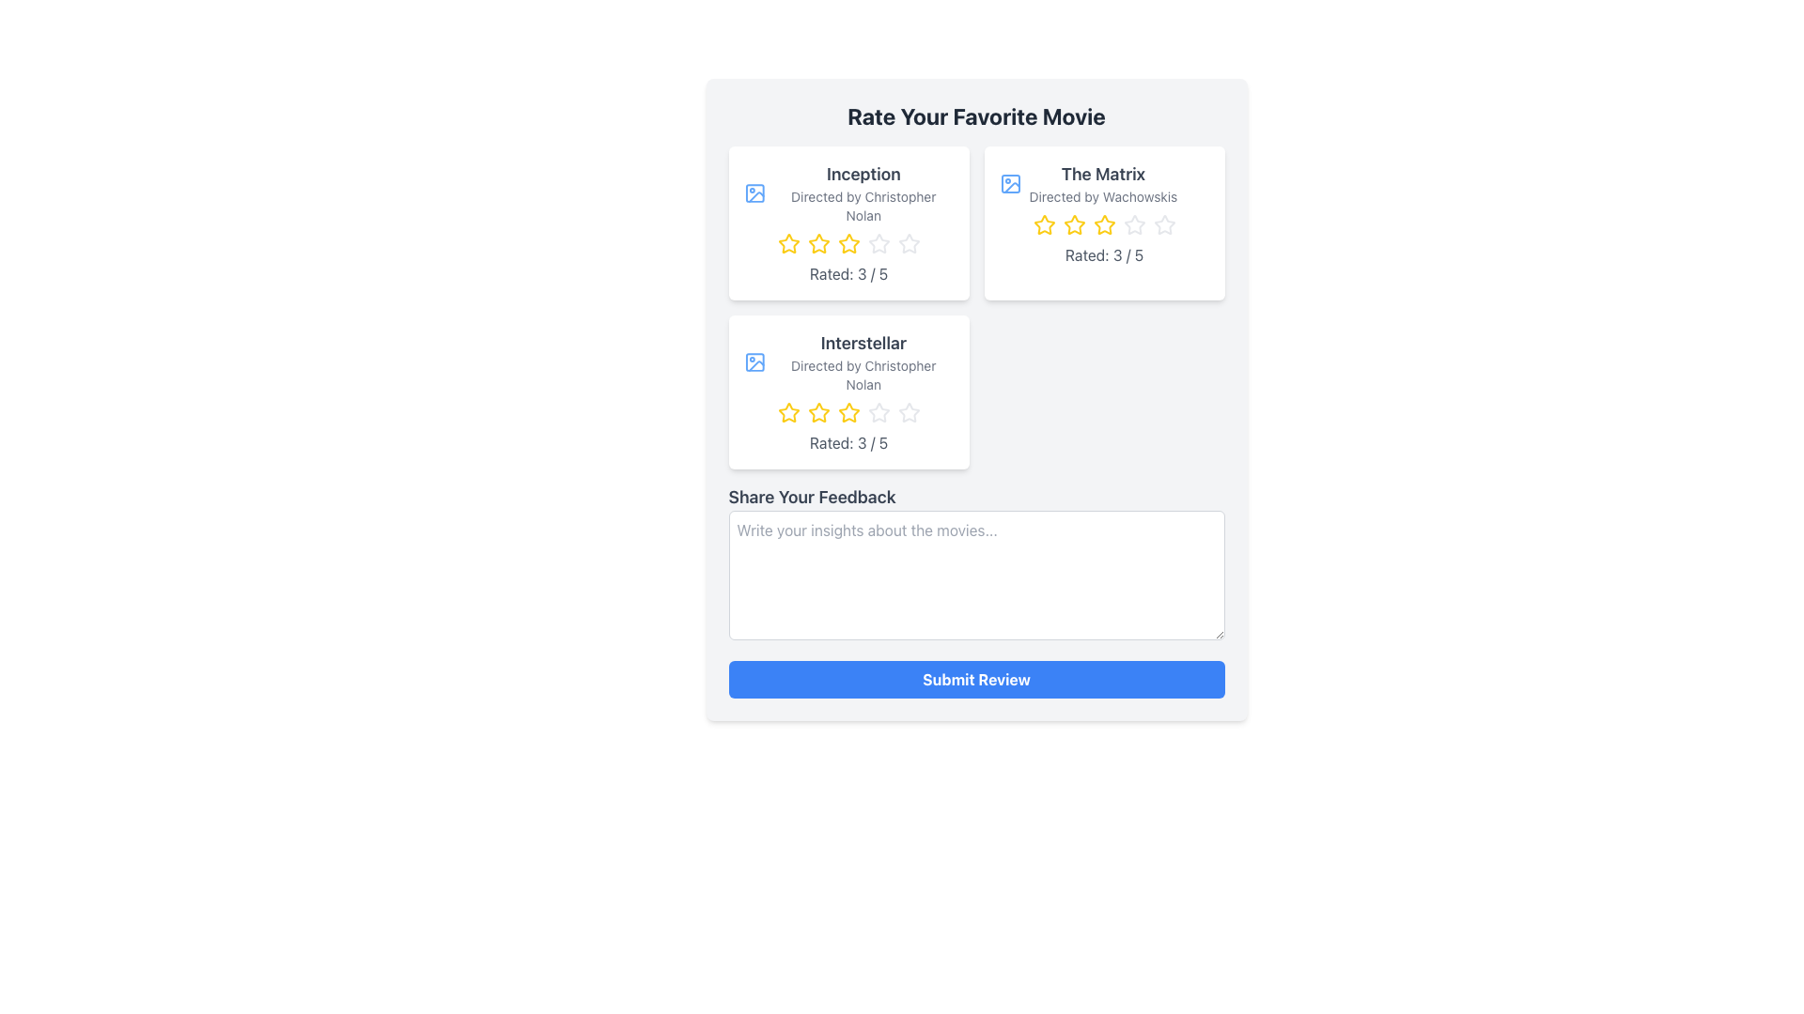  I want to click on the small icon resembling an image placeholder located at the top-left corner of the 'Inception' movie card, so click(754, 192).